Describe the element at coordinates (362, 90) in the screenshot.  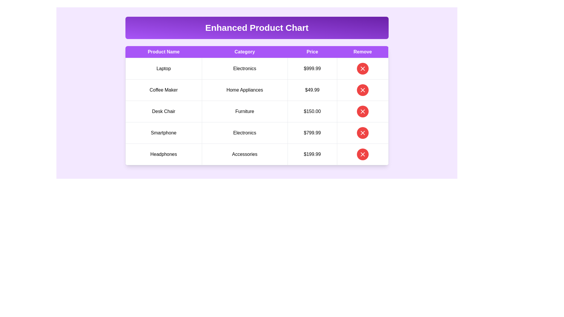
I see `the 'Remove' button for the row representing 'Coffee Maker', 'Home Appliances', and '$49.99' through keyboard navigation` at that location.